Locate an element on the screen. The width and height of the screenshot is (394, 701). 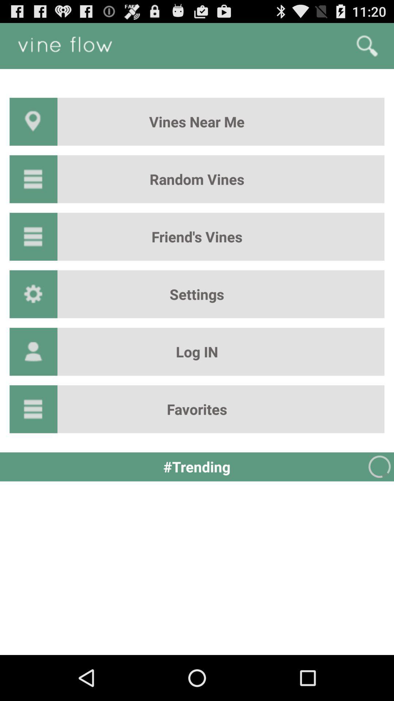
icon at the top right corner is located at coordinates (367, 45).